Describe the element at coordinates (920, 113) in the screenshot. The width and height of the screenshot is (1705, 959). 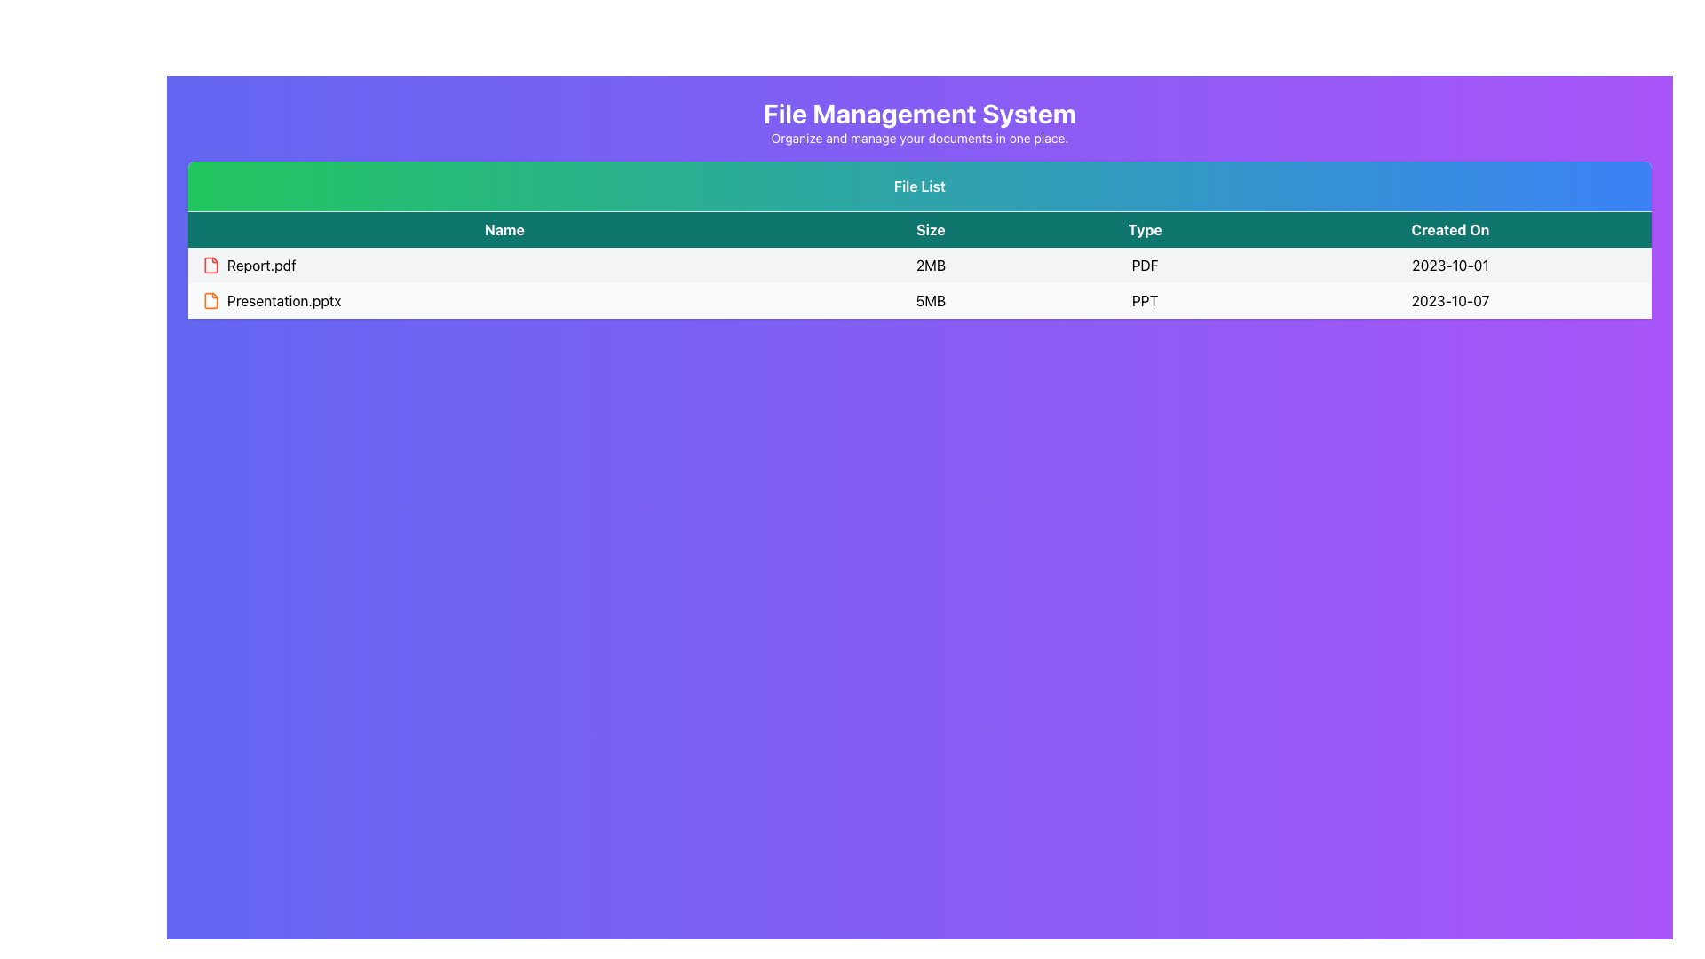
I see `title text display at the top of the interface indicating the function of the application, which is file management` at that location.